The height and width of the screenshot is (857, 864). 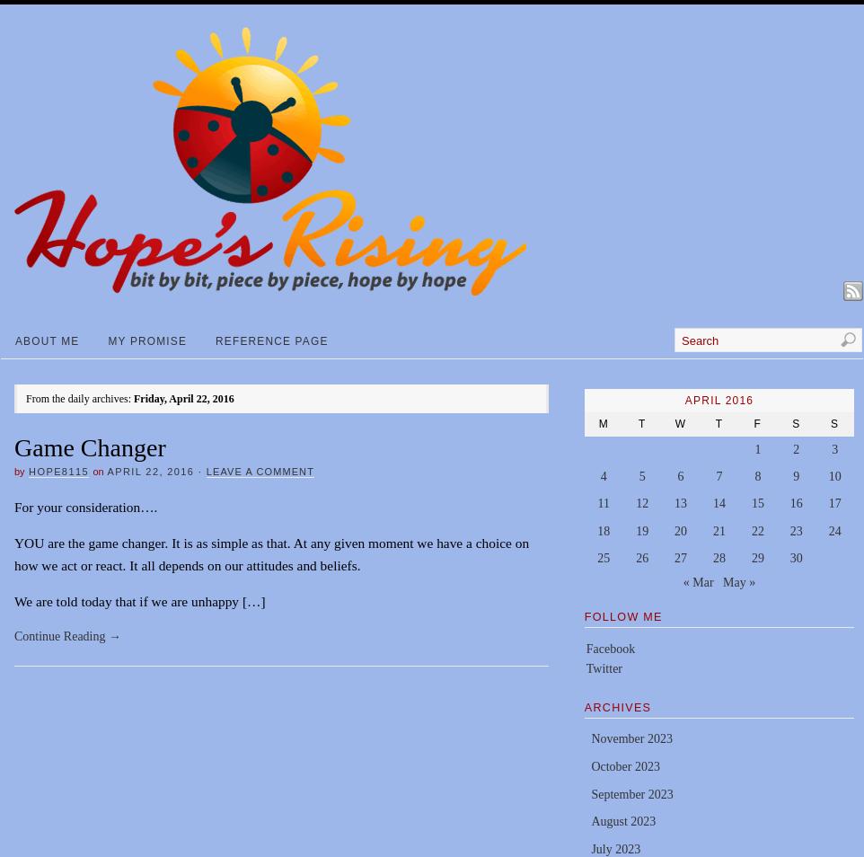 What do you see at coordinates (680, 474) in the screenshot?
I see `'6'` at bounding box center [680, 474].